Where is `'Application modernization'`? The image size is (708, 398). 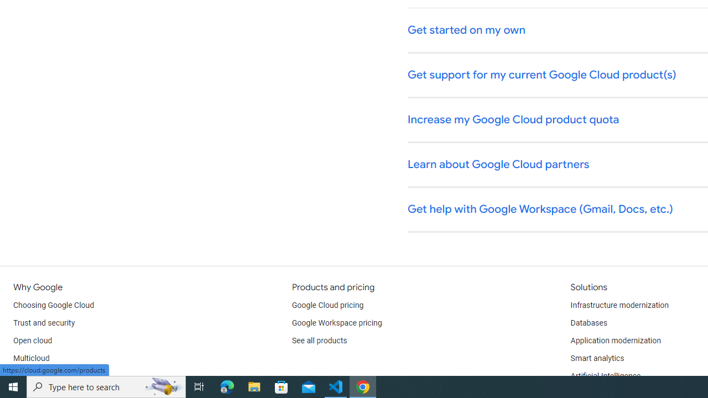
'Application modernization' is located at coordinates (615, 341).